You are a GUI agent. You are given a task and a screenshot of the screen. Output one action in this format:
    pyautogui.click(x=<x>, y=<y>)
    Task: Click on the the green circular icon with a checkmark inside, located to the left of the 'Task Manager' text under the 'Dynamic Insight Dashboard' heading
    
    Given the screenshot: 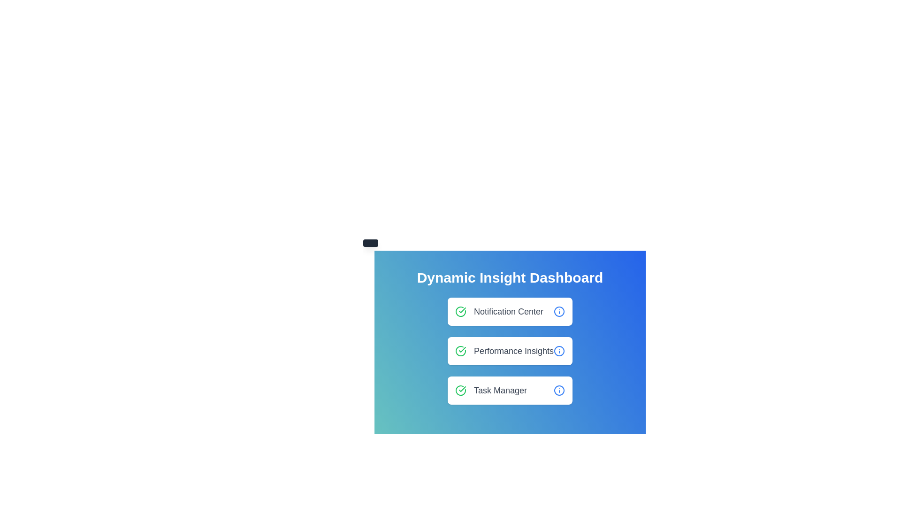 What is the action you would take?
    pyautogui.click(x=460, y=391)
    